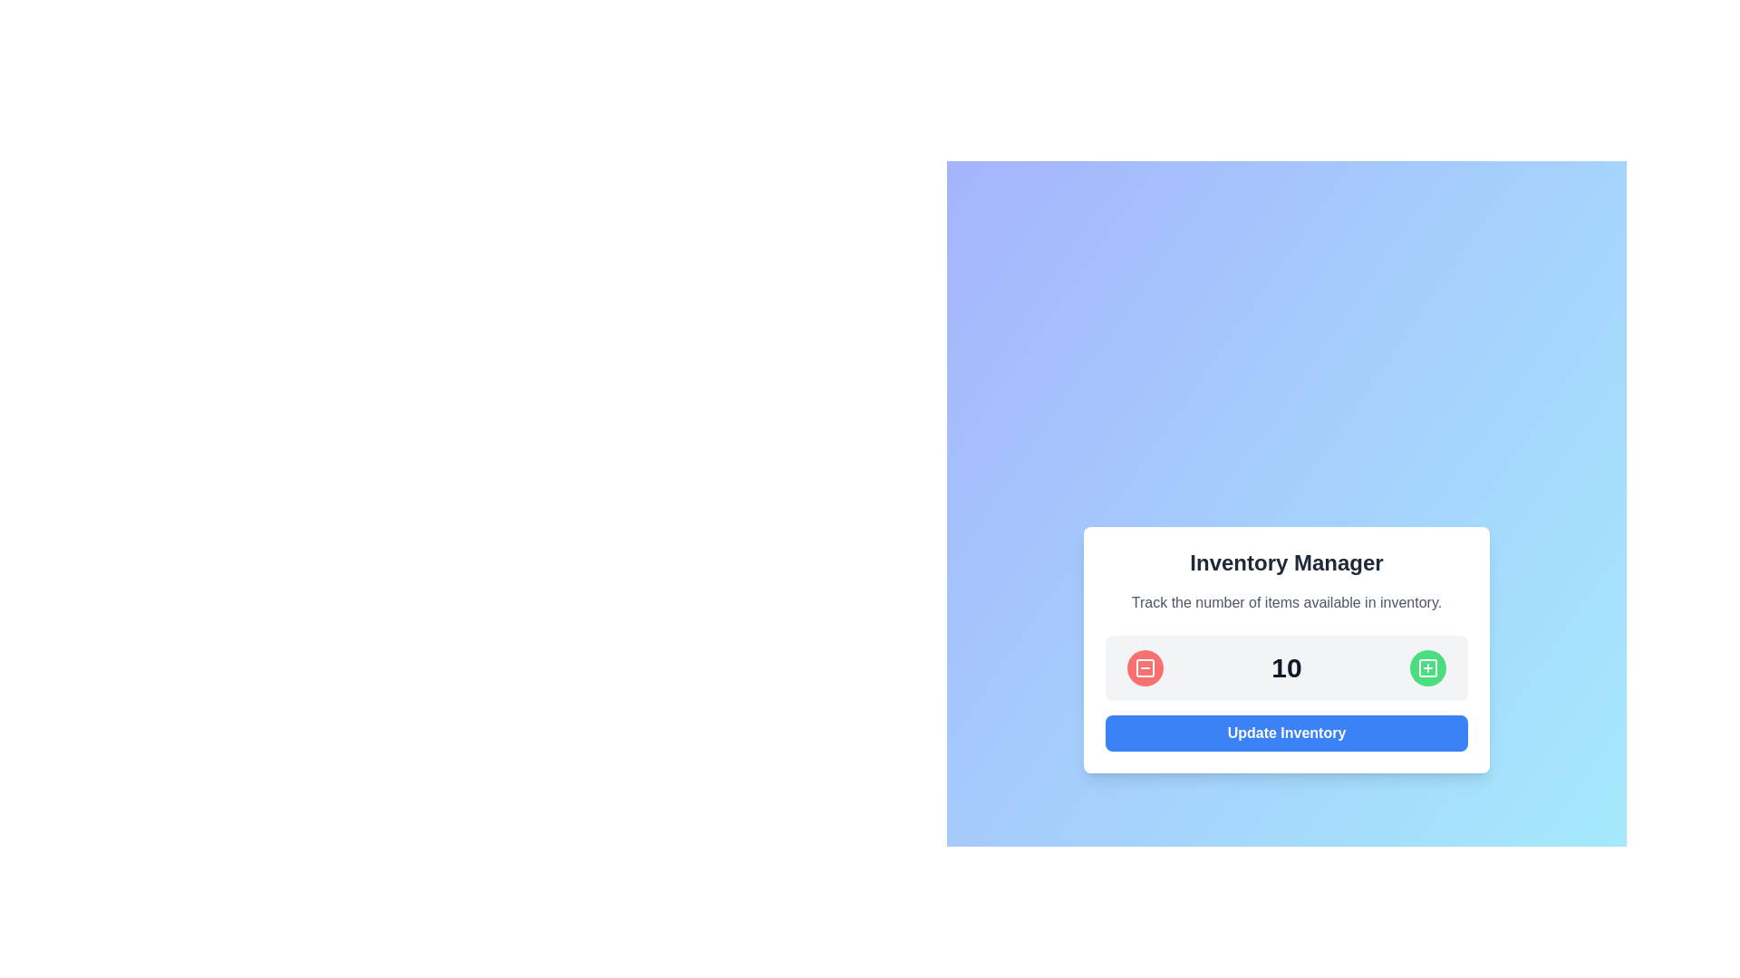  What do you see at coordinates (1286, 667) in the screenshot?
I see `the text label displaying the numerical value '10', which is styled in bold and large font and is positioned centrally between the decrement and increment buttons` at bounding box center [1286, 667].